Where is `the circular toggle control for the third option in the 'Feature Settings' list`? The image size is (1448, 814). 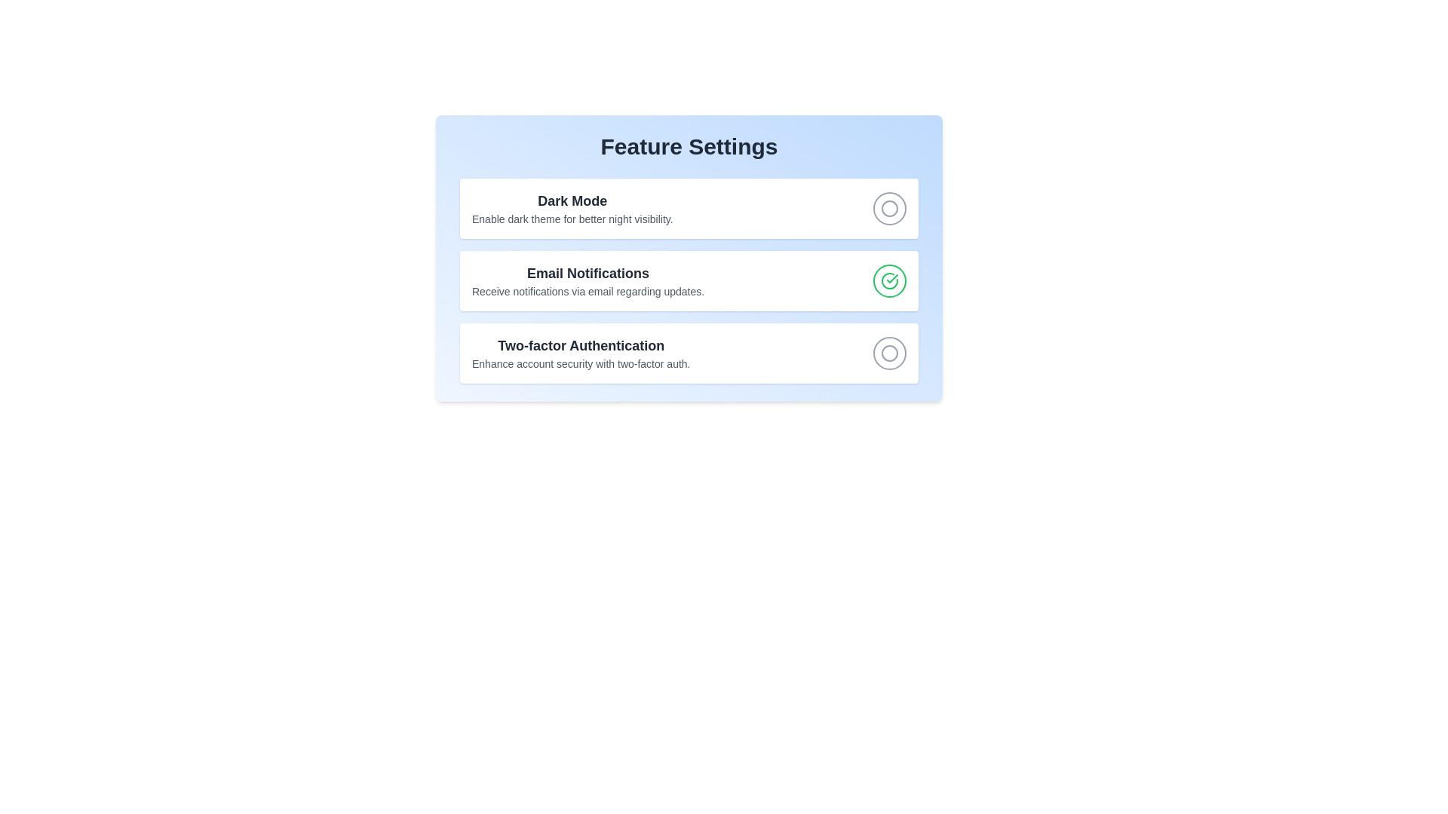 the circular toggle control for the third option in the 'Feature Settings' list is located at coordinates (688, 353).